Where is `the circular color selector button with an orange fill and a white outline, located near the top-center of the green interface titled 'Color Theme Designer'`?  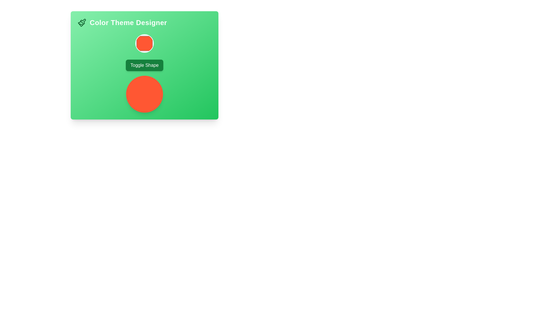 the circular color selector button with an orange fill and a white outline, located near the top-center of the green interface titled 'Color Theme Designer' is located at coordinates (144, 43).